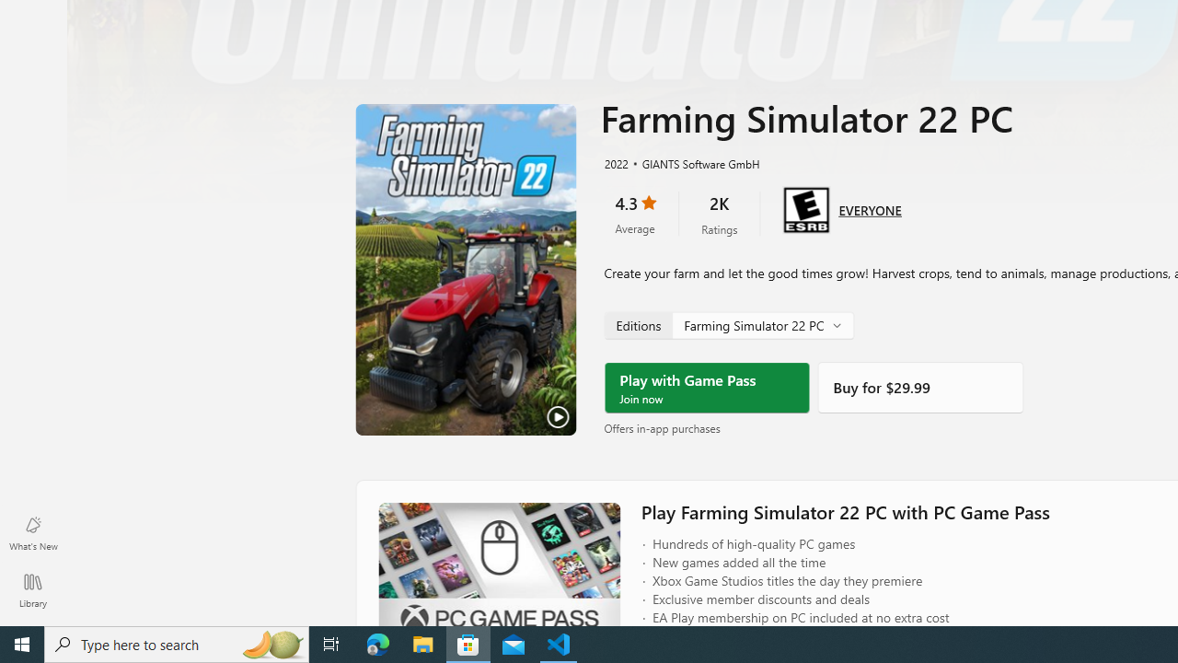 The image size is (1178, 663). I want to click on 'Play with Game Pass', so click(706, 387).